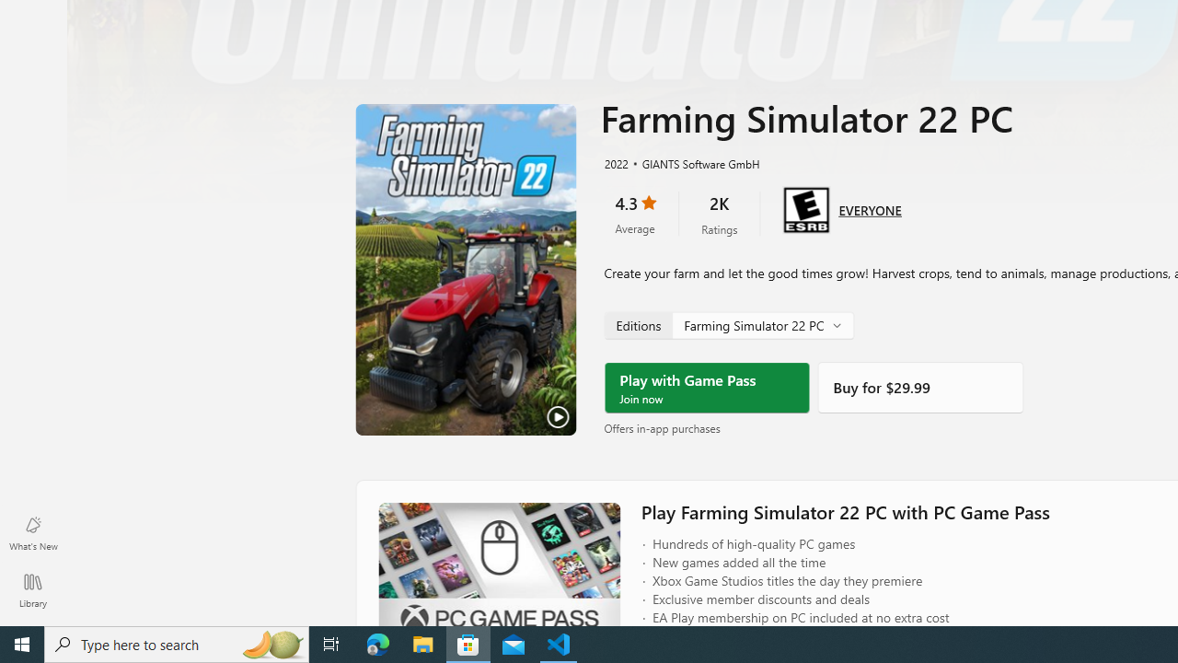 The image size is (1178, 663). I want to click on 'Play with Game Pass', so click(706, 387).